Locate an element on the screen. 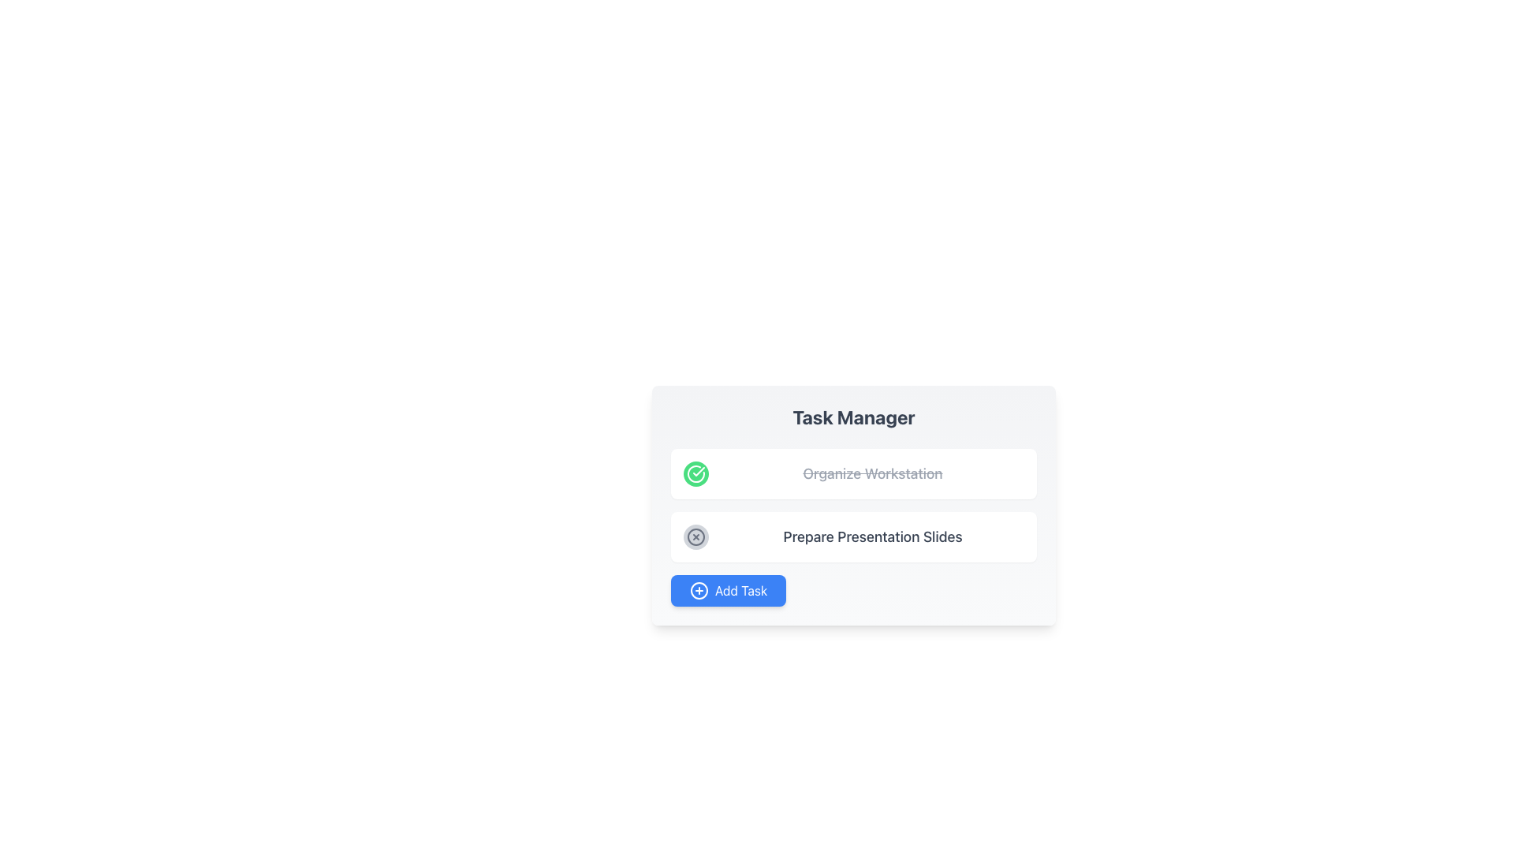  the blue circular icon with a white outline and white plus sign, located within the 'Add Task' button at the bottom center of the interface is located at coordinates (699, 590).